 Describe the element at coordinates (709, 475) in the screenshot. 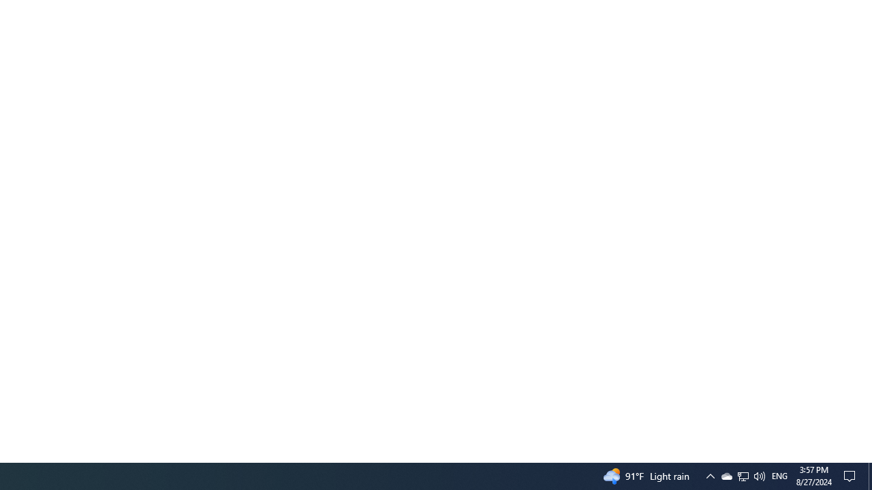

I see `'Notification Chevron'` at that location.